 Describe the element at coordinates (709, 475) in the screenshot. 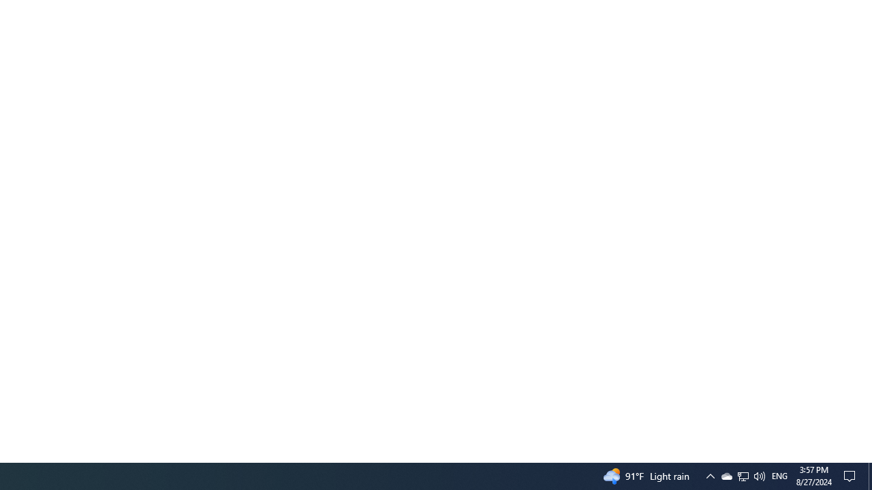

I see `'Notification Chevron'` at that location.